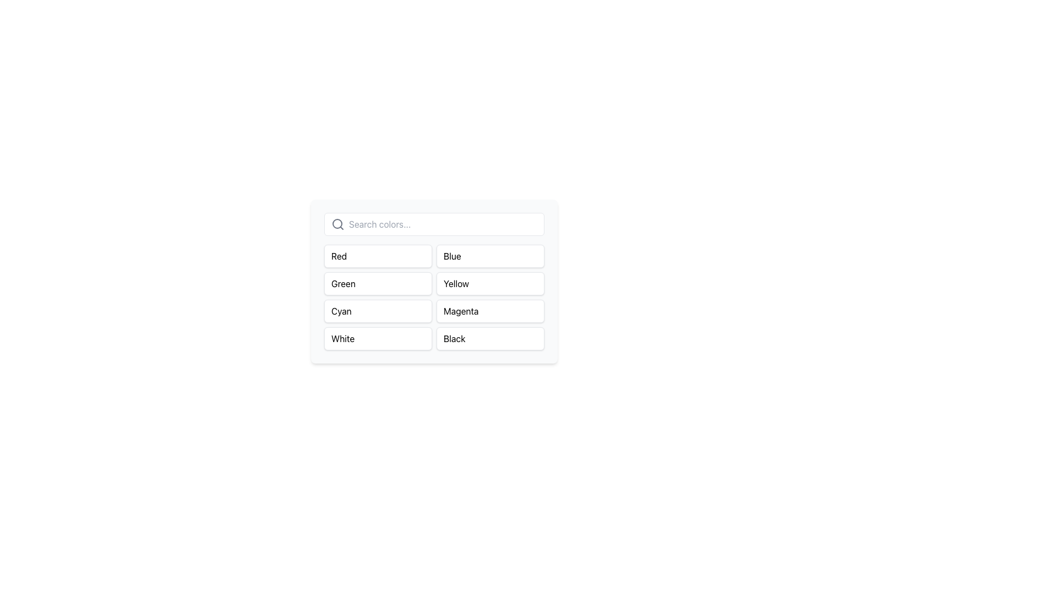 This screenshot has width=1057, height=594. Describe the element at coordinates (490, 283) in the screenshot. I see `the 'Yellow' button` at that location.